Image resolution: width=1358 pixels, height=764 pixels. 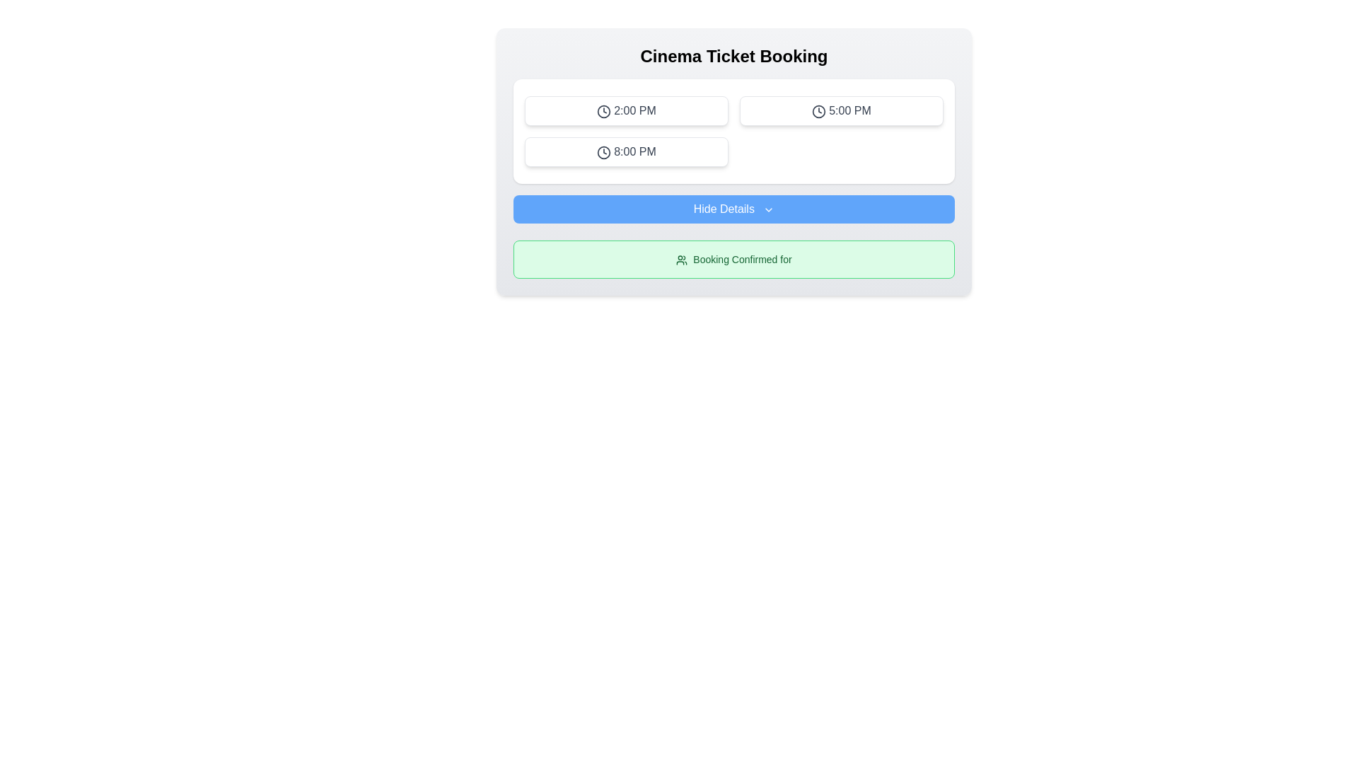 What do you see at coordinates (626, 110) in the screenshot?
I see `the button displaying '2:00 PM' with a clock icon` at bounding box center [626, 110].